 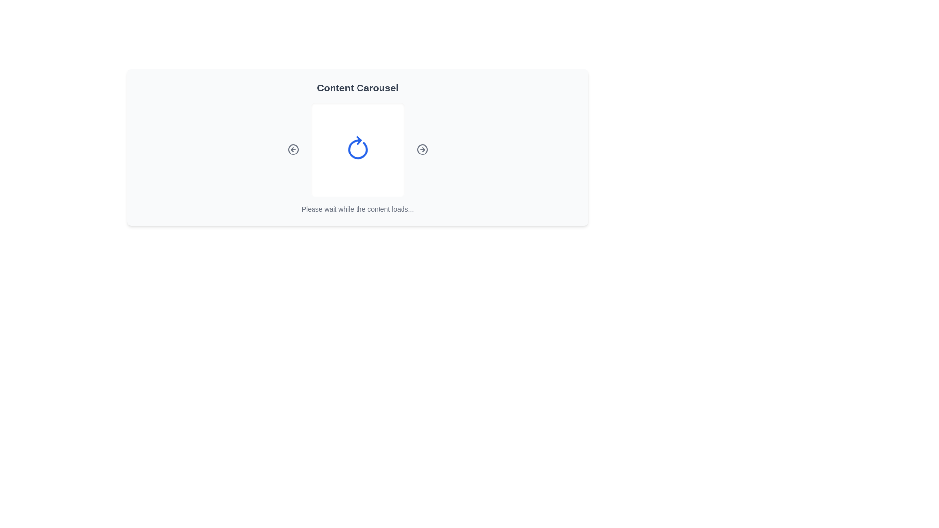 I want to click on the circular button with a left-pointing arrow inside, so click(x=292, y=149).